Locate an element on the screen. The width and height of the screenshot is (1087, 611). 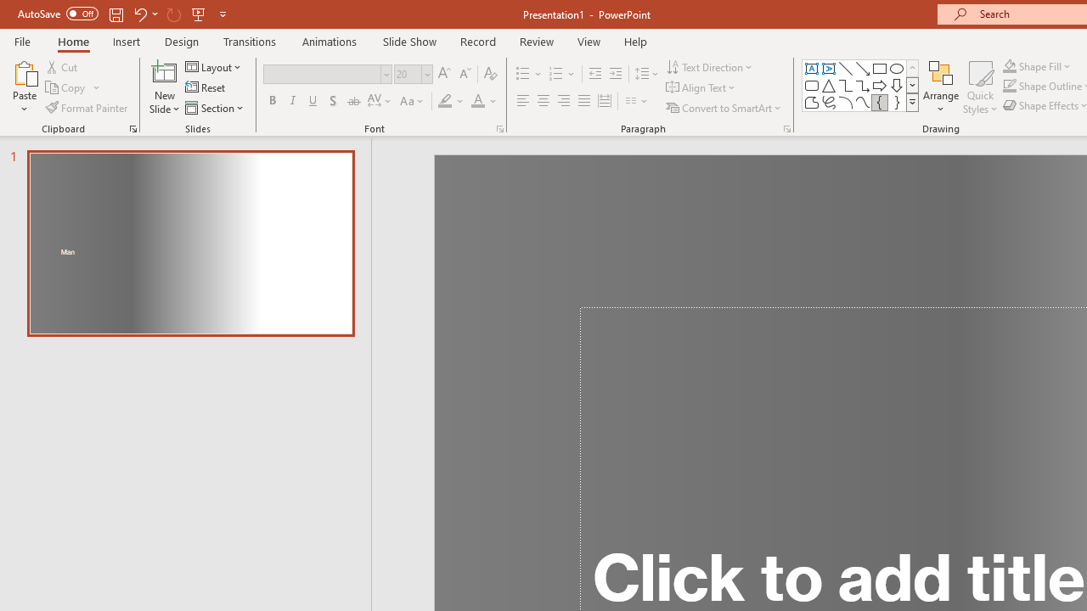
'Clear Formatting' is located at coordinates (489, 73).